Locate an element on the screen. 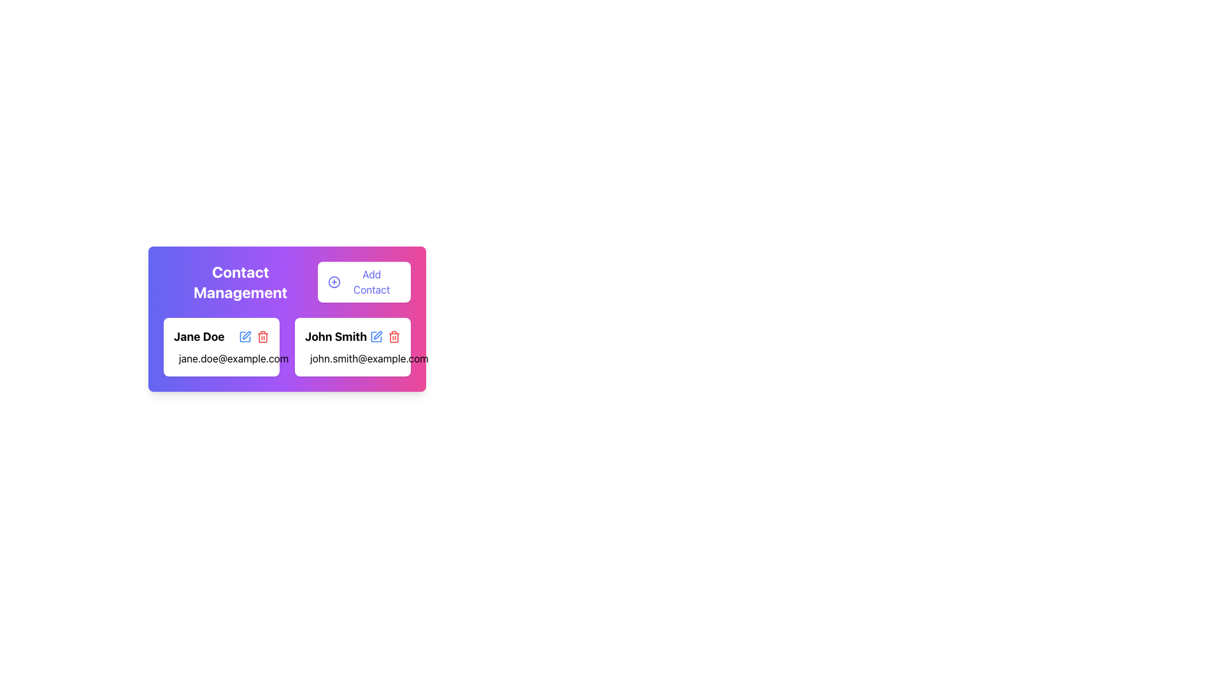 Image resolution: width=1223 pixels, height=688 pixels. text element displaying the email address associated with the contact 'Jane Doe', which is located in the card labeled 'Jane Doe' below the name is located at coordinates (221, 359).